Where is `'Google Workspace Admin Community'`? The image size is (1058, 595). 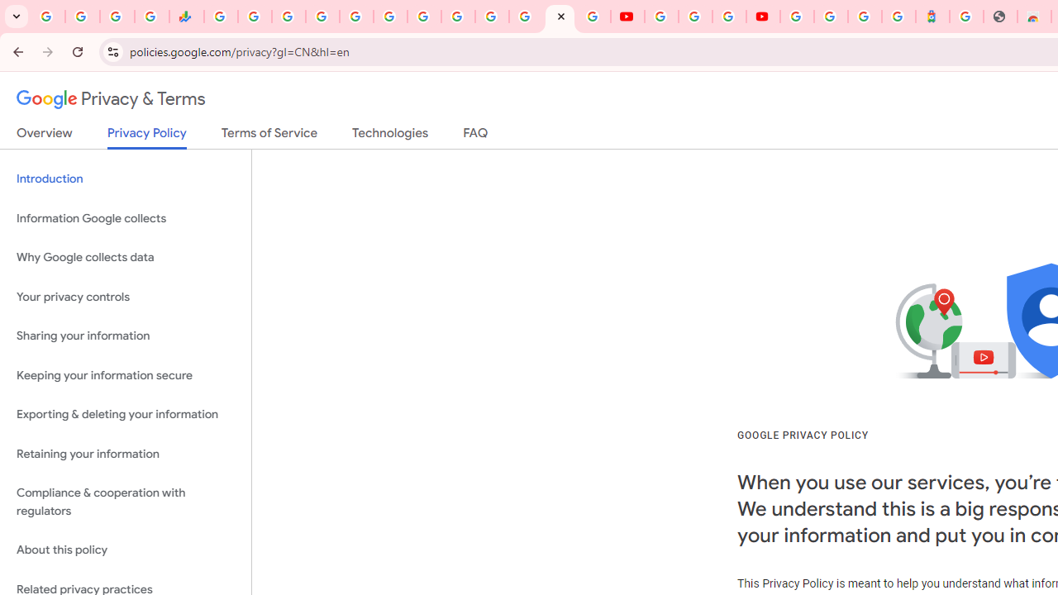 'Google Workspace Admin Community' is located at coordinates (48, 17).